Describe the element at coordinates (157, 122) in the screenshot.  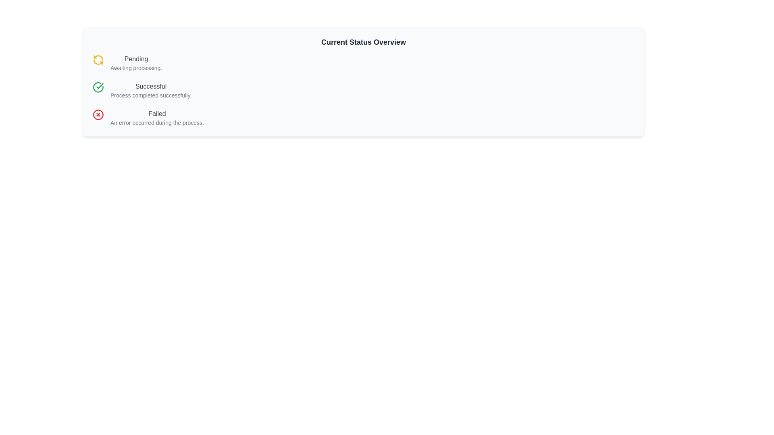
I see `the text label that displays 'An error occurred during the process.' which is styled in small gray text and positioned beneath the 'Failed' label` at that location.